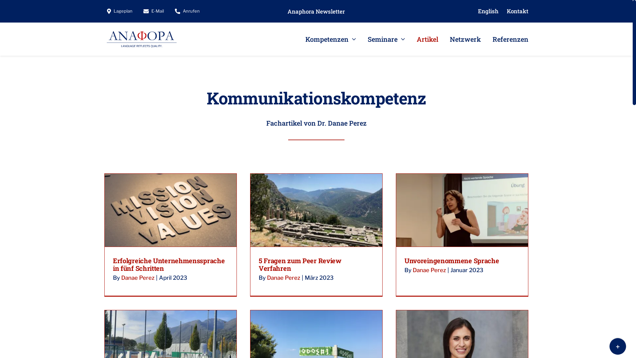 This screenshot has width=636, height=358. Describe the element at coordinates (118, 11) in the screenshot. I see `'Lageplan'` at that location.